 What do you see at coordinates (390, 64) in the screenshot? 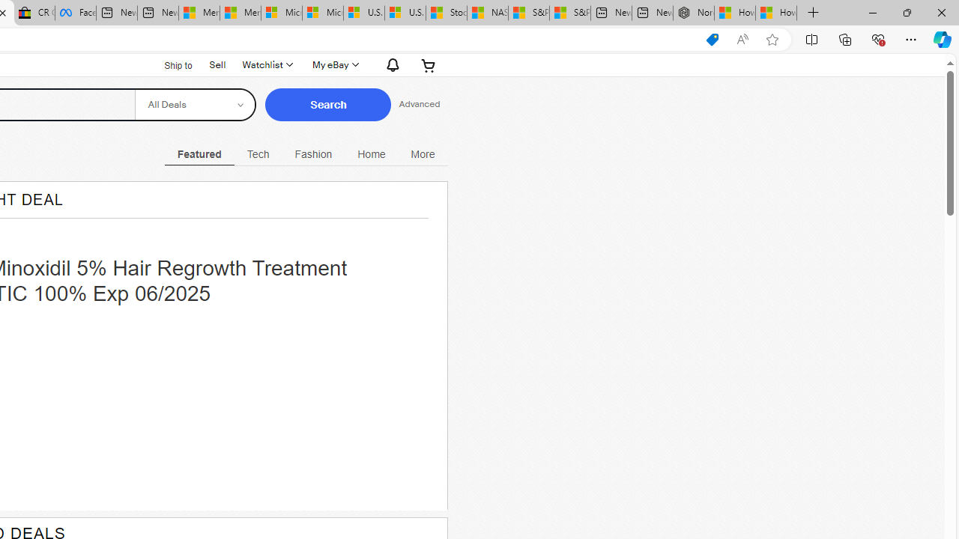
I see `'AutomationID: gh-eb-Alerts'` at bounding box center [390, 64].